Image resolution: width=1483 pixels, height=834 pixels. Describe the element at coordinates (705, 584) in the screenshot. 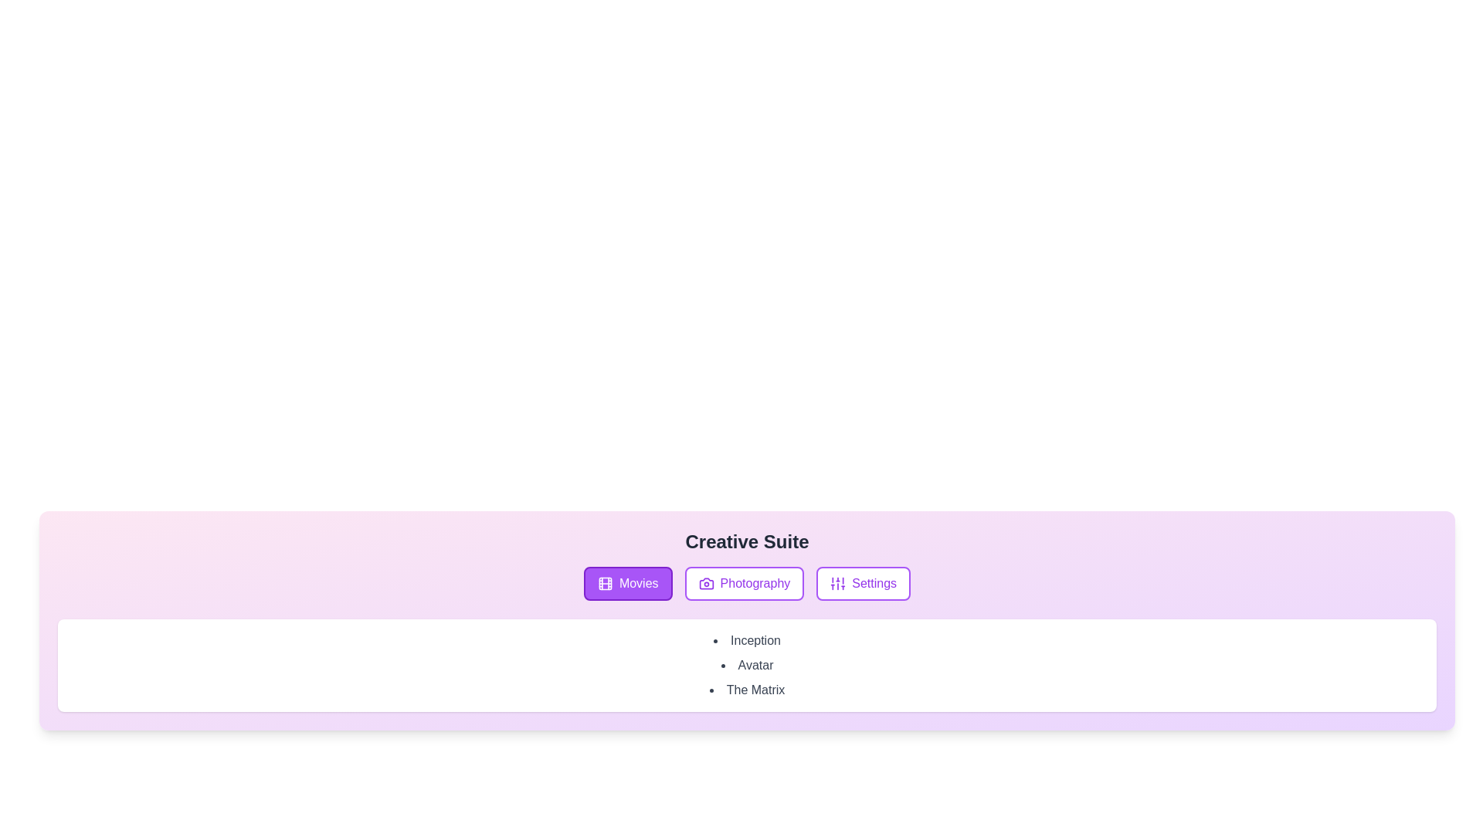

I see `the 'Photography' icon in the navigation bar` at that location.